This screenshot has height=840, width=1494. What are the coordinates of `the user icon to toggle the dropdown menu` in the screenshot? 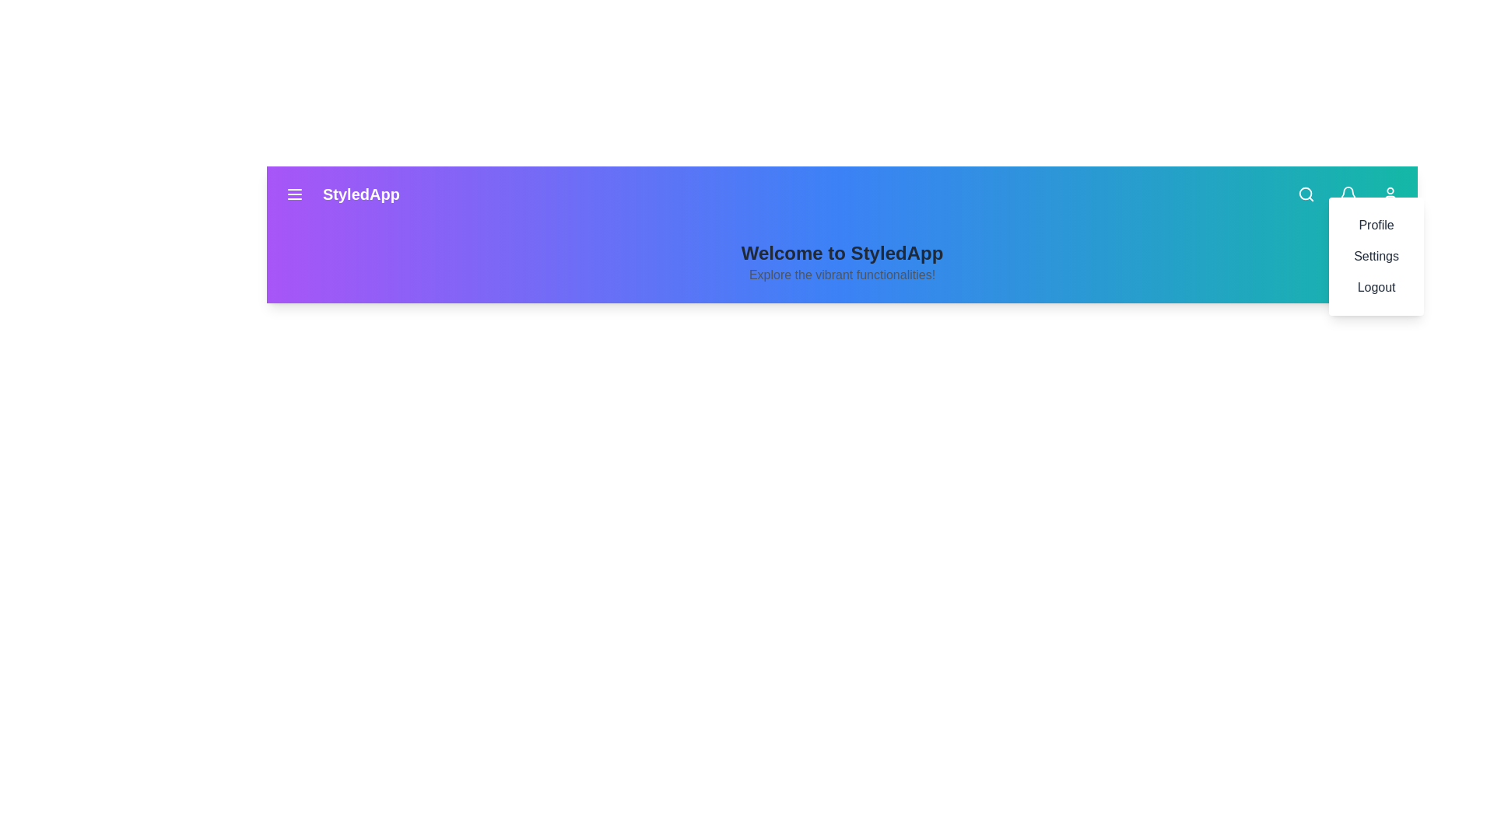 It's located at (1390, 194).